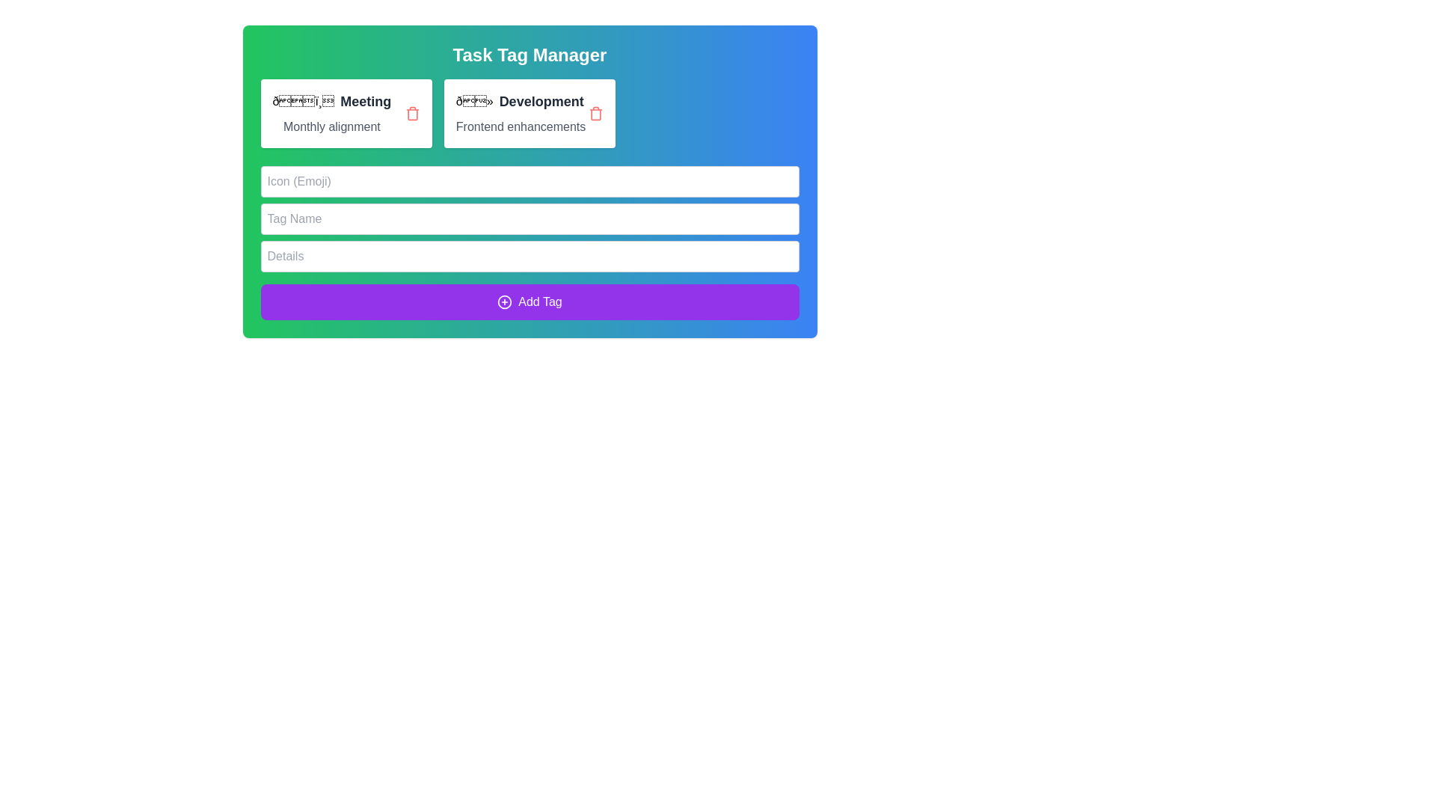  Describe the element at coordinates (346, 112) in the screenshot. I see `the card displaying the title 'Meeting' and description 'Monthly alignment', which is the first card in the top-left of the grid layout` at that location.